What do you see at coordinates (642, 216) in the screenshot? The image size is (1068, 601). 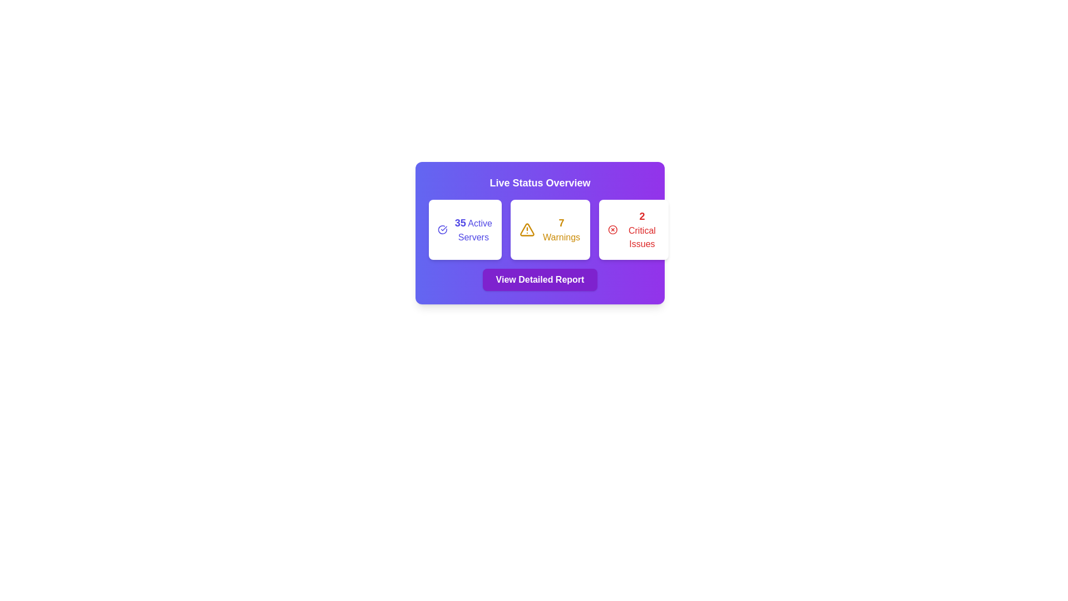 I see `displayed numeral in the 'Critical Issues' box, which shows the count of critical issues detected within the monitored system` at bounding box center [642, 216].